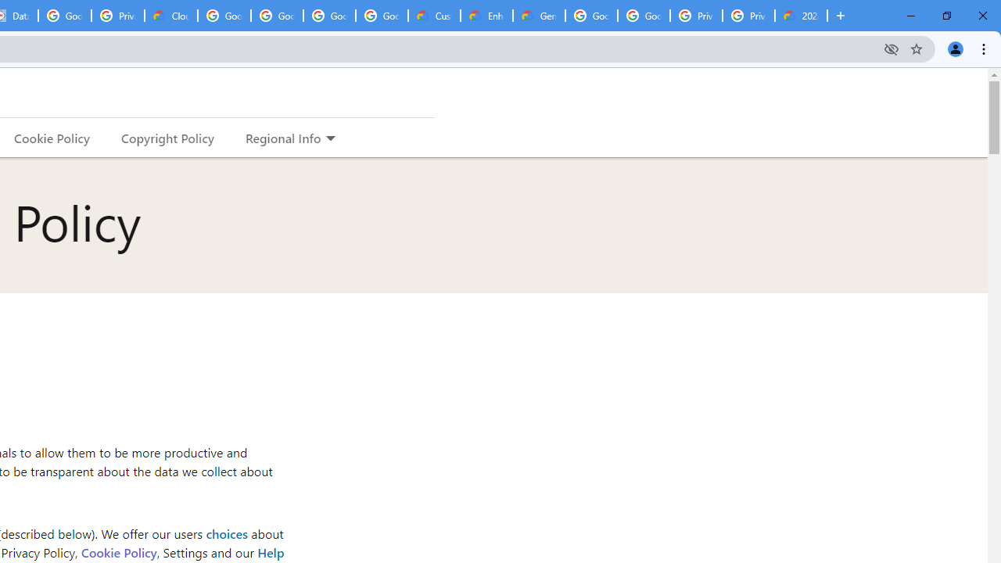 This screenshot has height=563, width=1001. I want to click on 'Enhanced Support | Google Cloud', so click(486, 16).